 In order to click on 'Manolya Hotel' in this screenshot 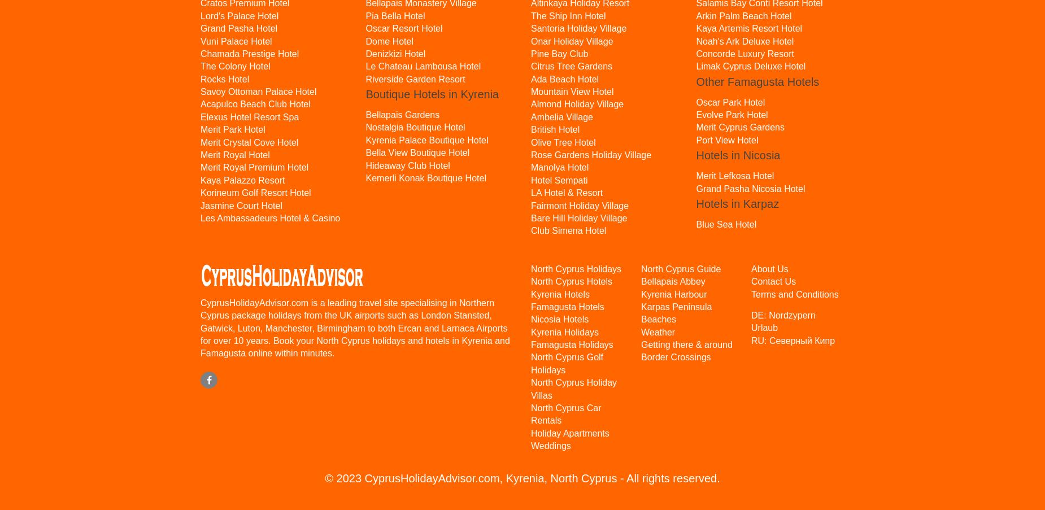, I will do `click(559, 167)`.